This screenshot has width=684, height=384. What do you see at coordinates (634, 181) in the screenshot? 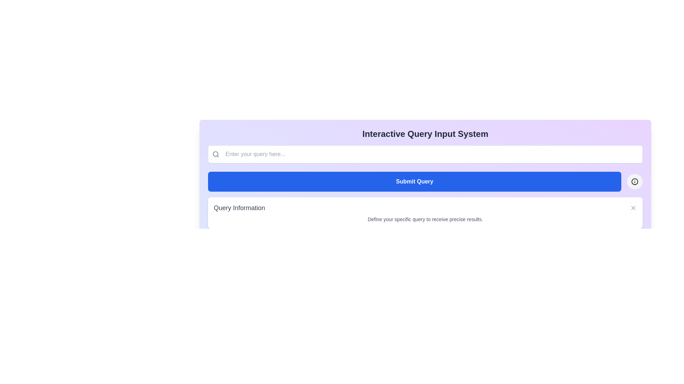
I see `the circular info indicator icon located within the rounded button in the top-right corner of the interface, adjacent to the blue 'Submit Query' button` at bounding box center [634, 181].